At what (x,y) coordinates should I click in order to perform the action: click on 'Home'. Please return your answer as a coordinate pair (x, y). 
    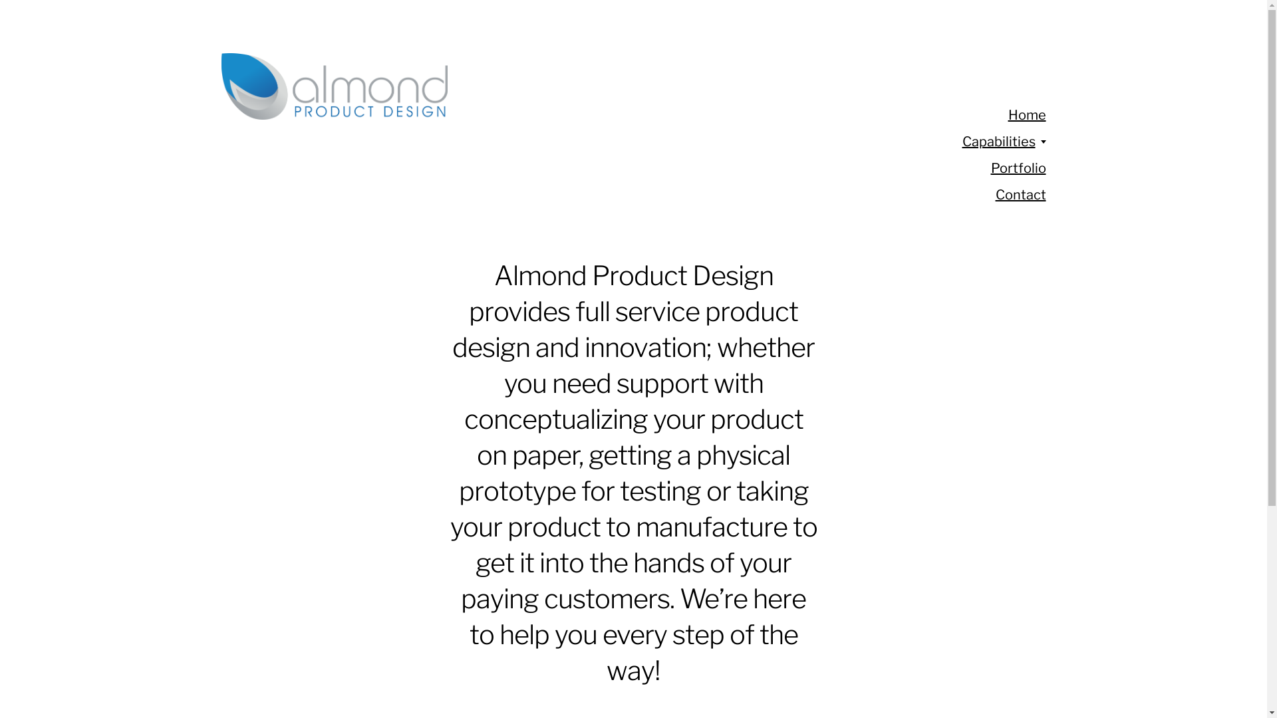
    Looking at the image, I should click on (1008, 114).